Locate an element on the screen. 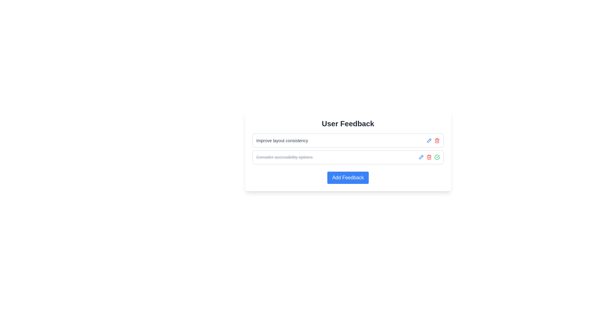  the button located at the bottom center of the modal containing the 'User Feedback' title is located at coordinates (348, 177).